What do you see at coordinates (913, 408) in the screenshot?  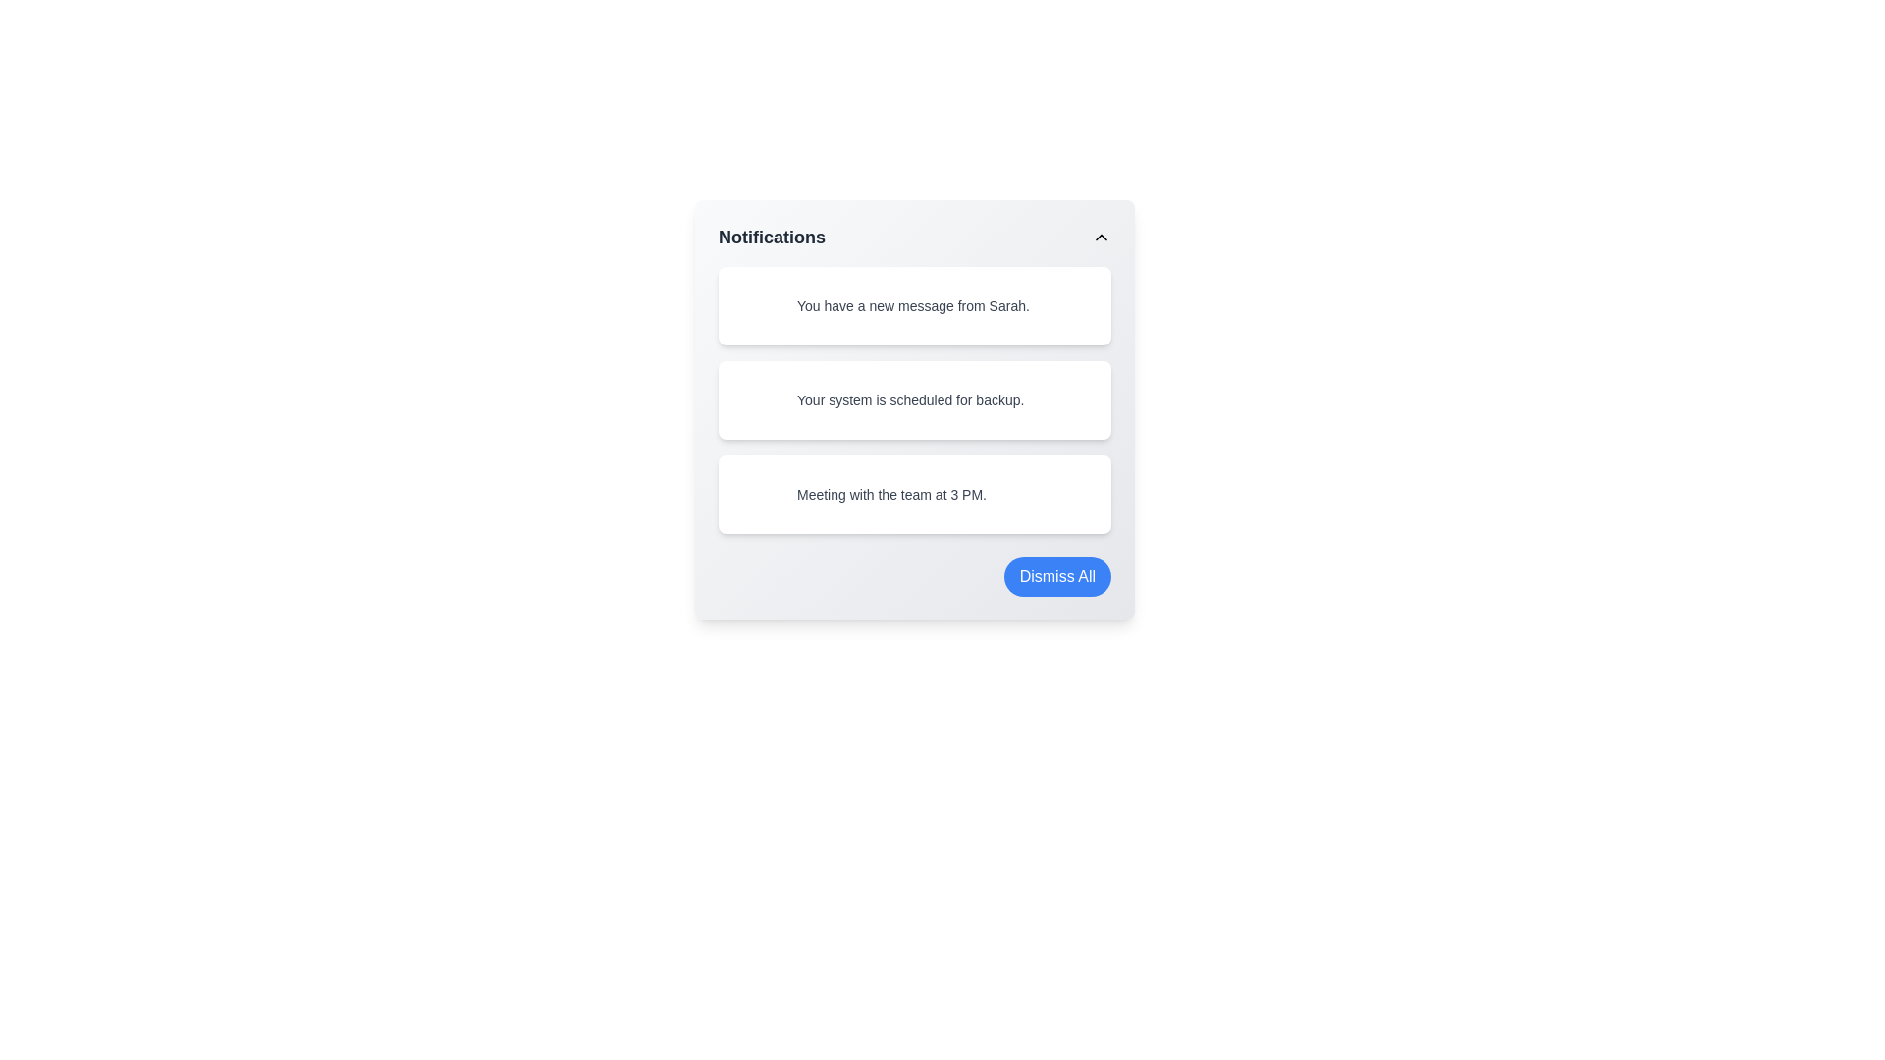 I see `the second notification card titled 'Your system is scheduled for backup.' located in the notification panel` at bounding box center [913, 408].